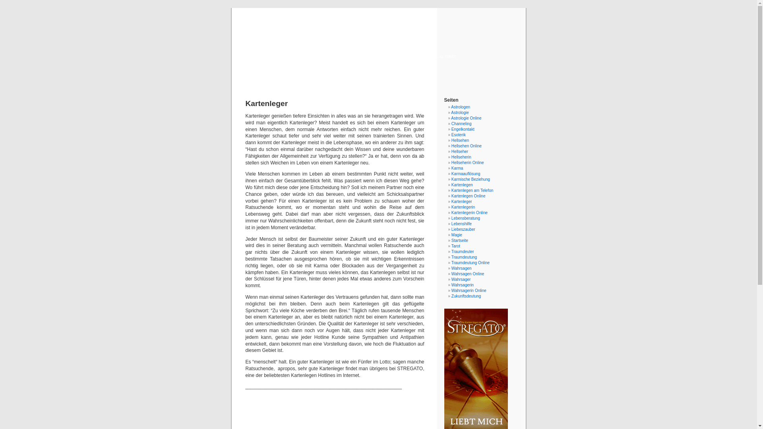  What do you see at coordinates (467, 146) in the screenshot?
I see `'Hellsehen Online'` at bounding box center [467, 146].